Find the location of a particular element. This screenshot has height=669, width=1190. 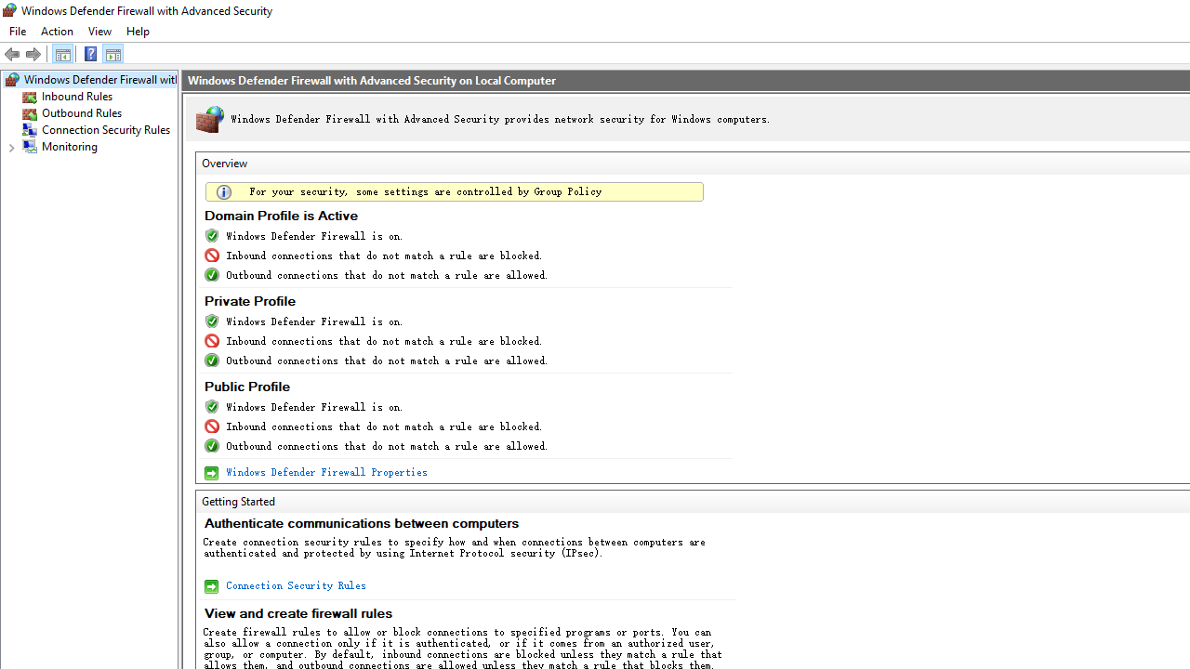

'View' is located at coordinates (99, 31).